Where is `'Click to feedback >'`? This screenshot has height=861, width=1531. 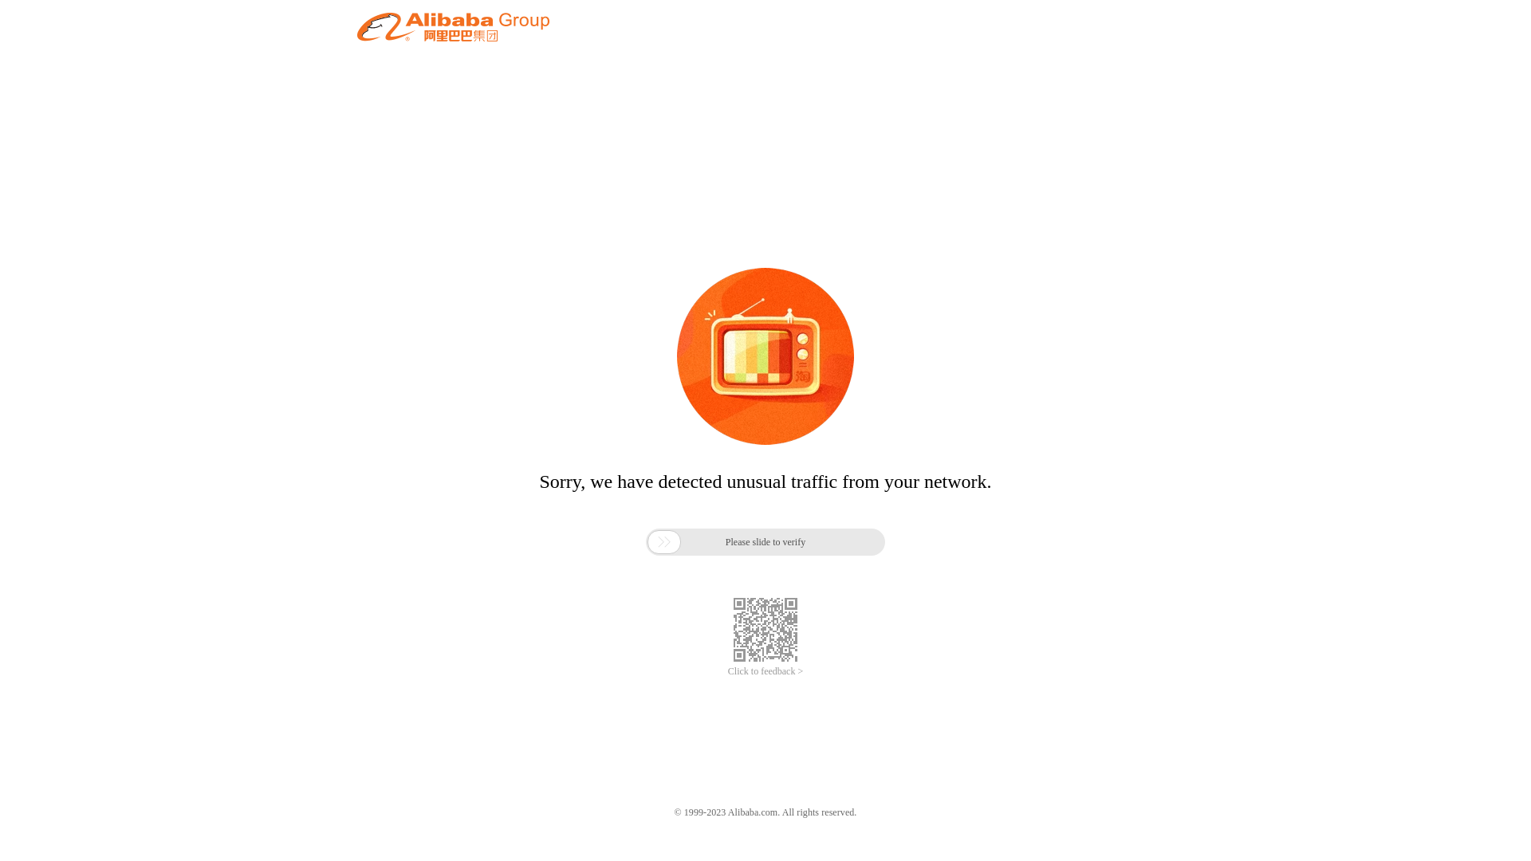
'Click to feedback >' is located at coordinates (765, 671).